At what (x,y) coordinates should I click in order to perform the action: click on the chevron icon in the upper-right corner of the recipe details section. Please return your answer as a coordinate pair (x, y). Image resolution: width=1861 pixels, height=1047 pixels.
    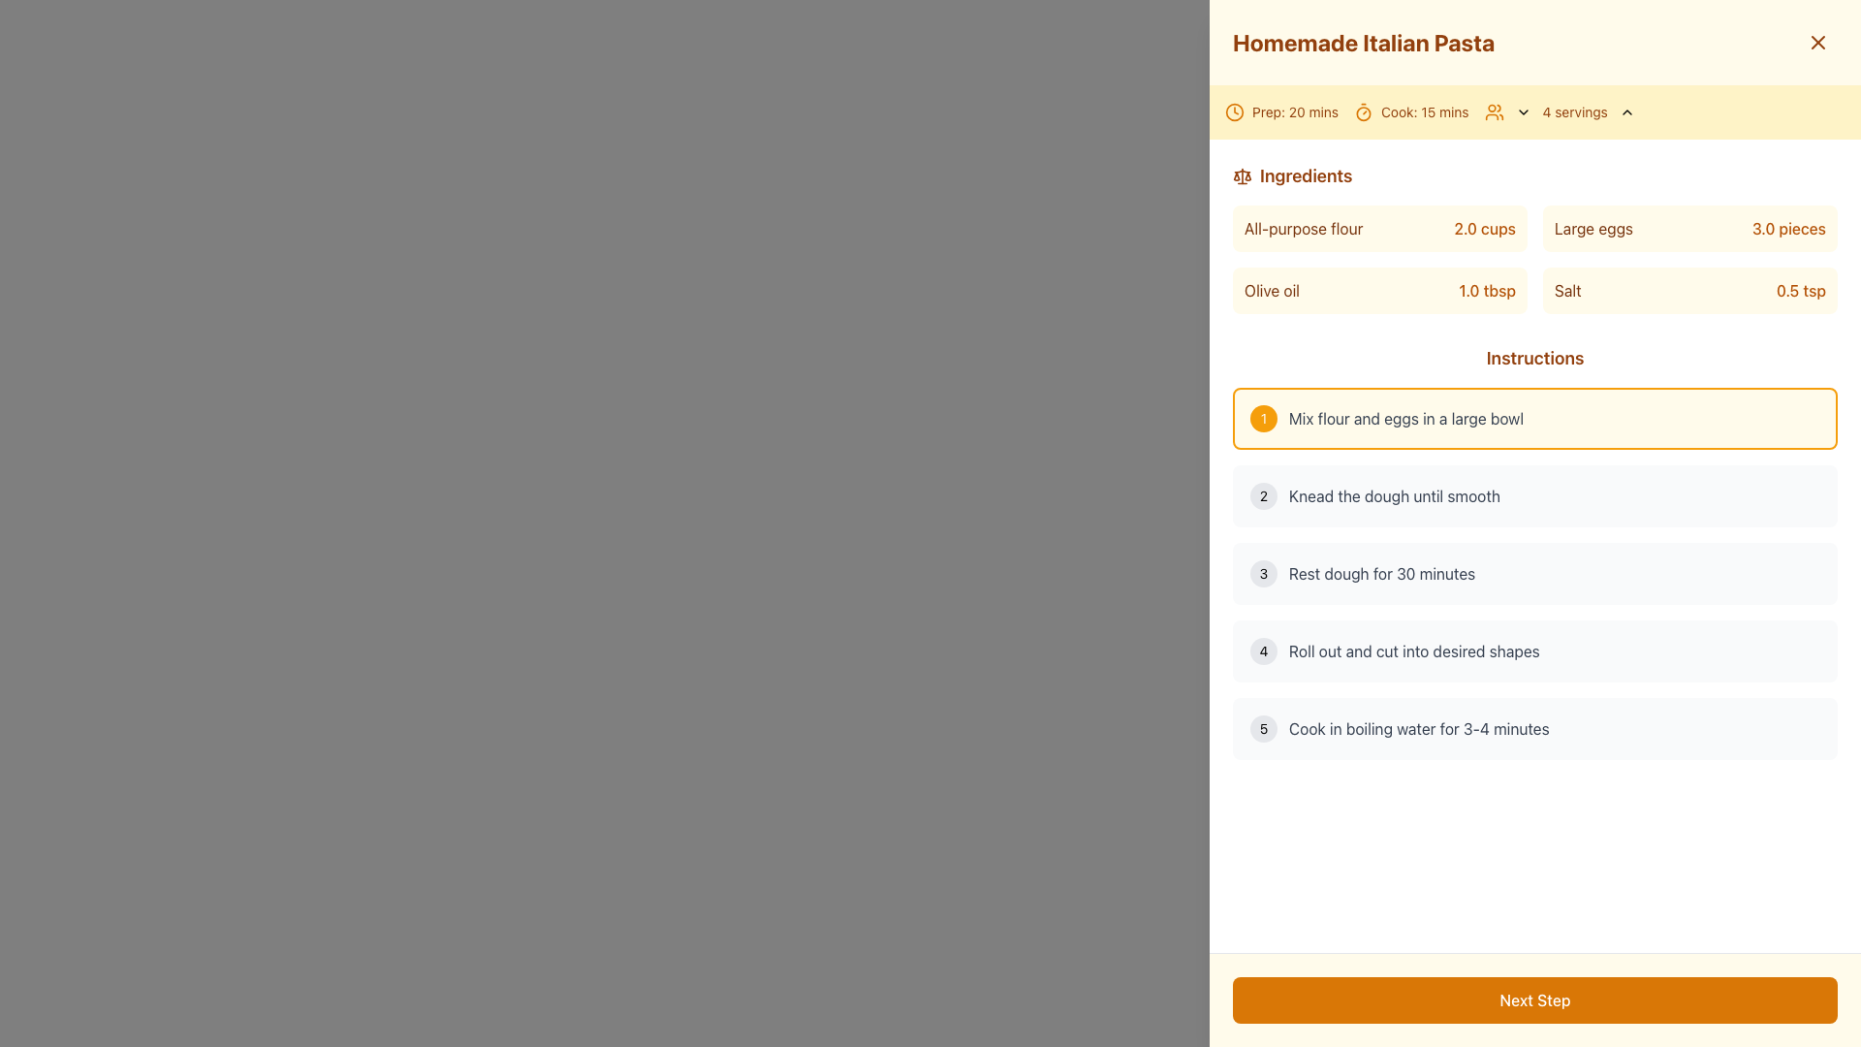
    Looking at the image, I should click on (1626, 111).